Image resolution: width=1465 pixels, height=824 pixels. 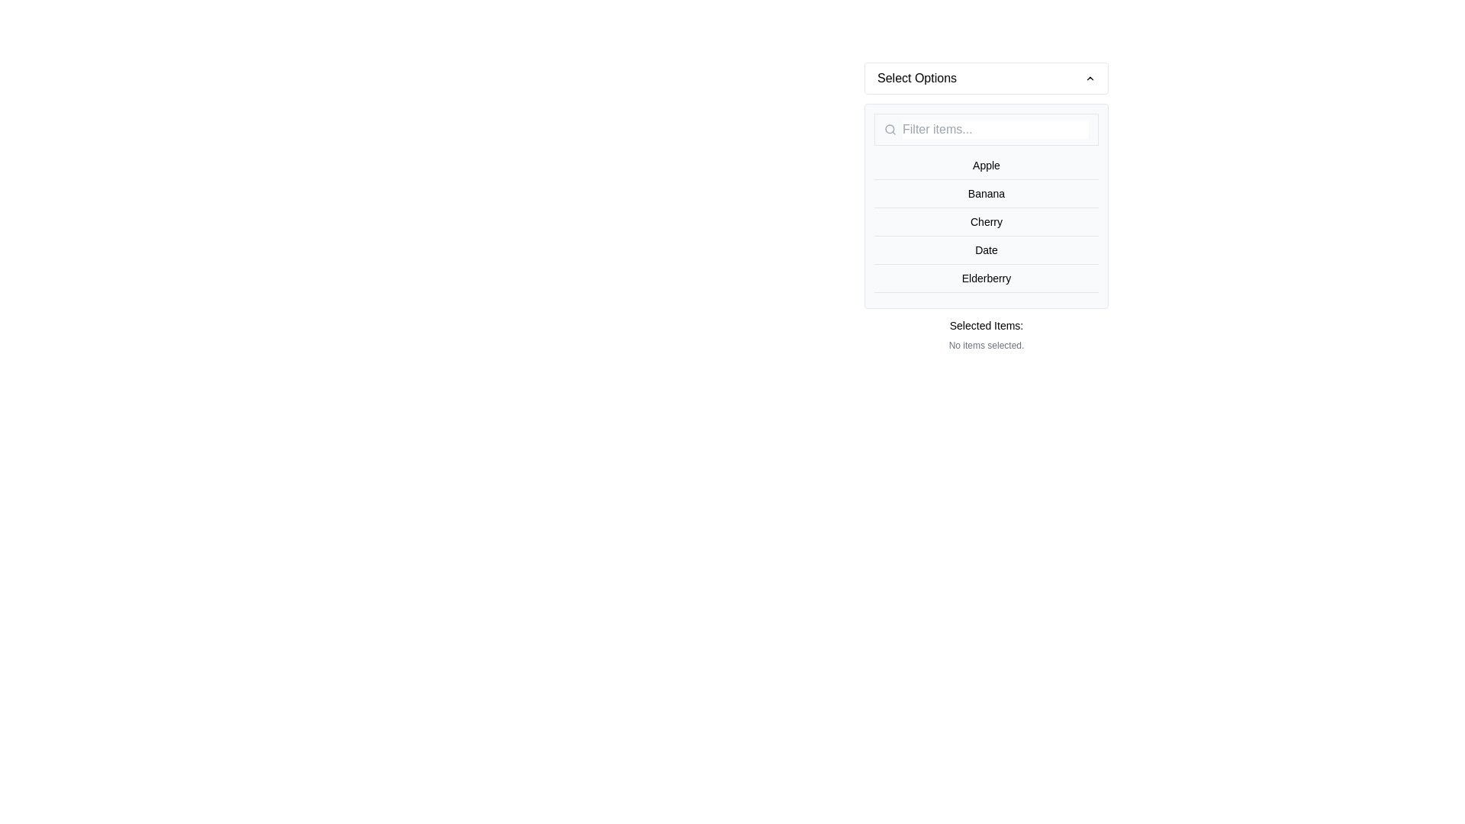 What do you see at coordinates (986, 221) in the screenshot?
I see `the selectable list item representing 'Cherry'` at bounding box center [986, 221].